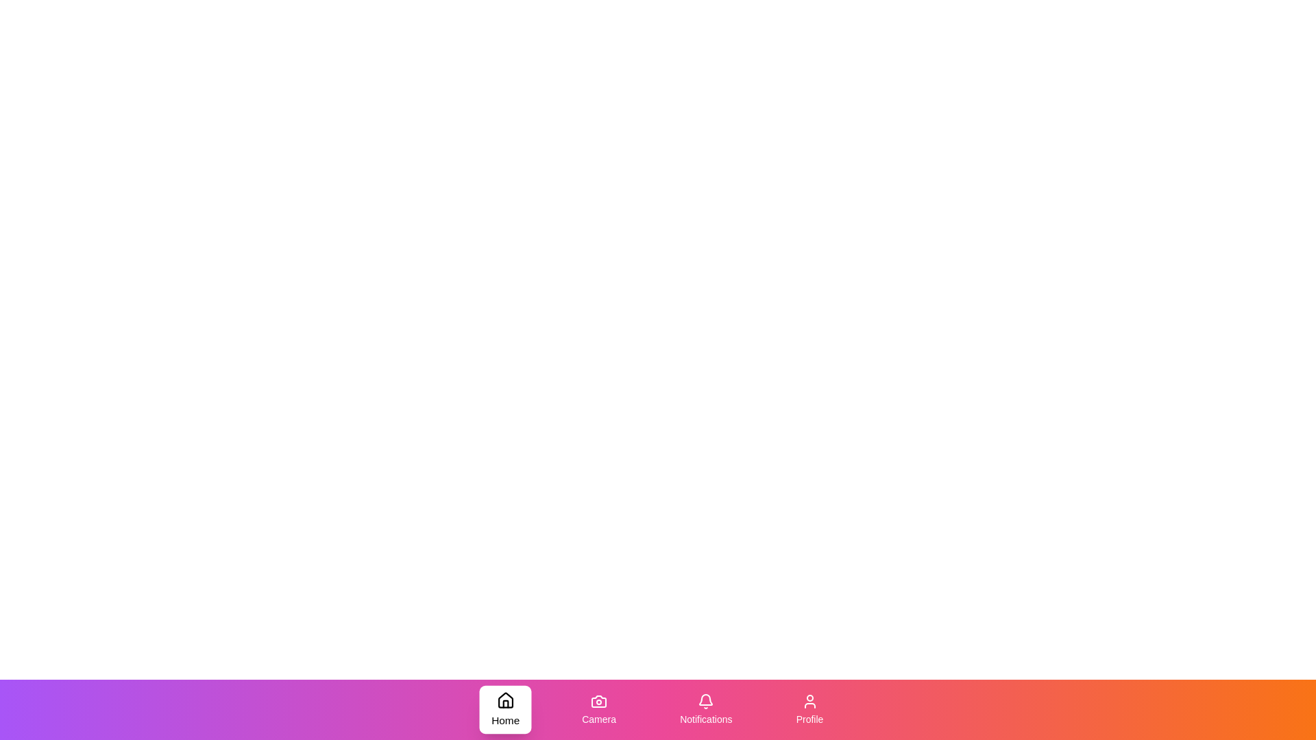 This screenshot has width=1316, height=740. What do you see at coordinates (504, 709) in the screenshot?
I see `the Home tab in the bottom navigation bar` at bounding box center [504, 709].